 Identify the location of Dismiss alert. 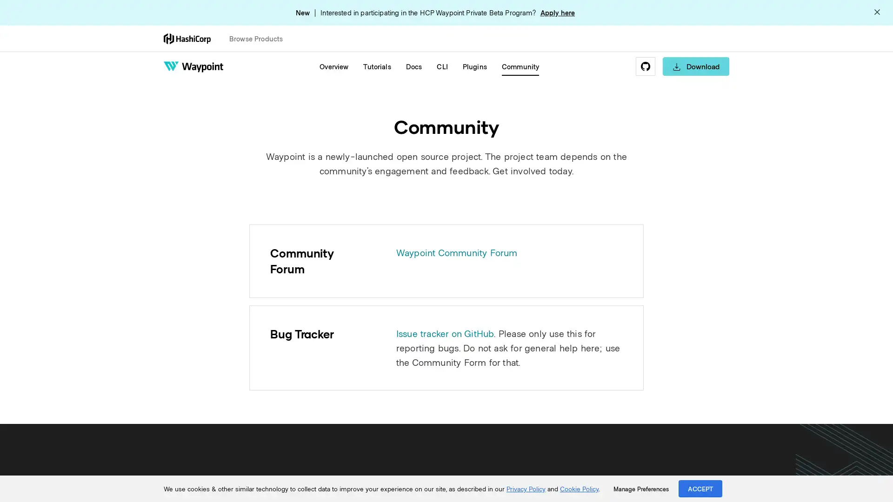
(877, 13).